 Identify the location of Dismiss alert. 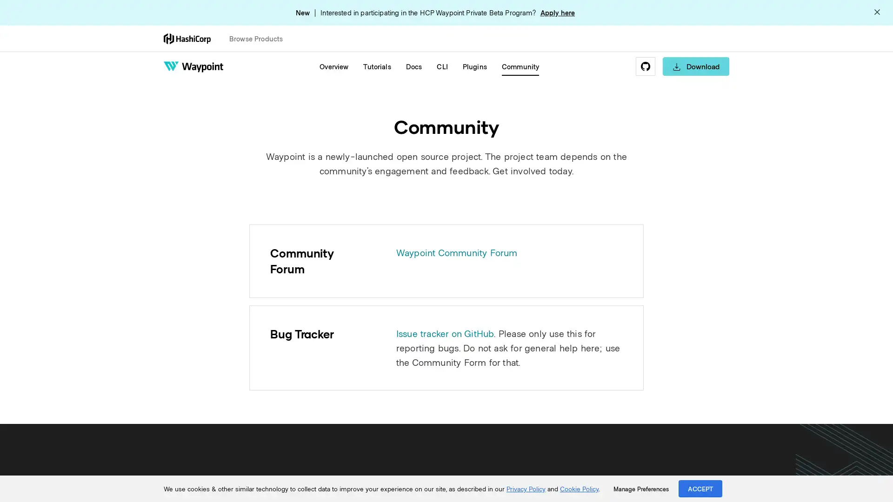
(877, 13).